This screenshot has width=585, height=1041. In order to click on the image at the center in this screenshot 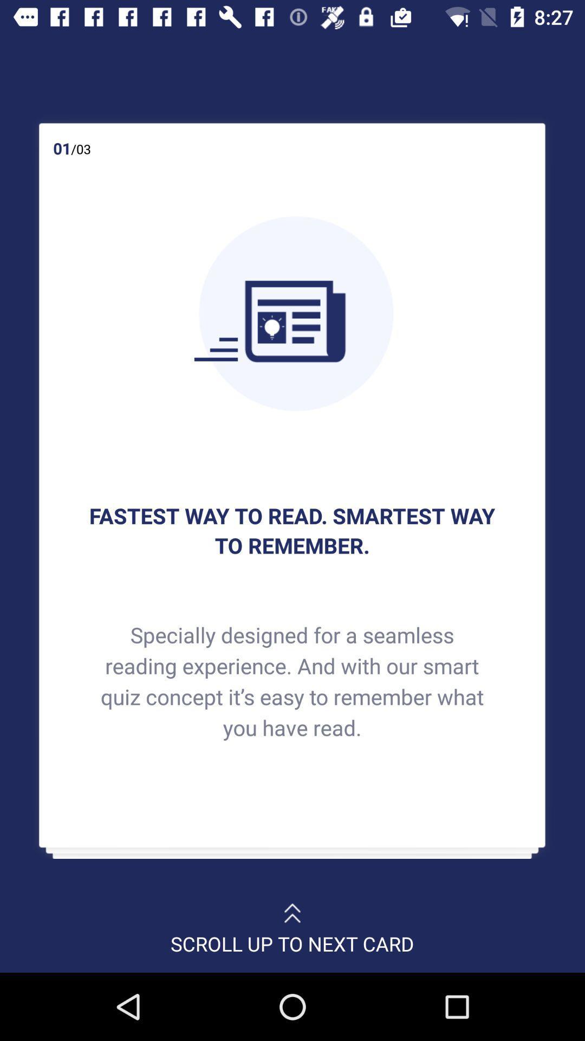, I will do `click(291, 313)`.